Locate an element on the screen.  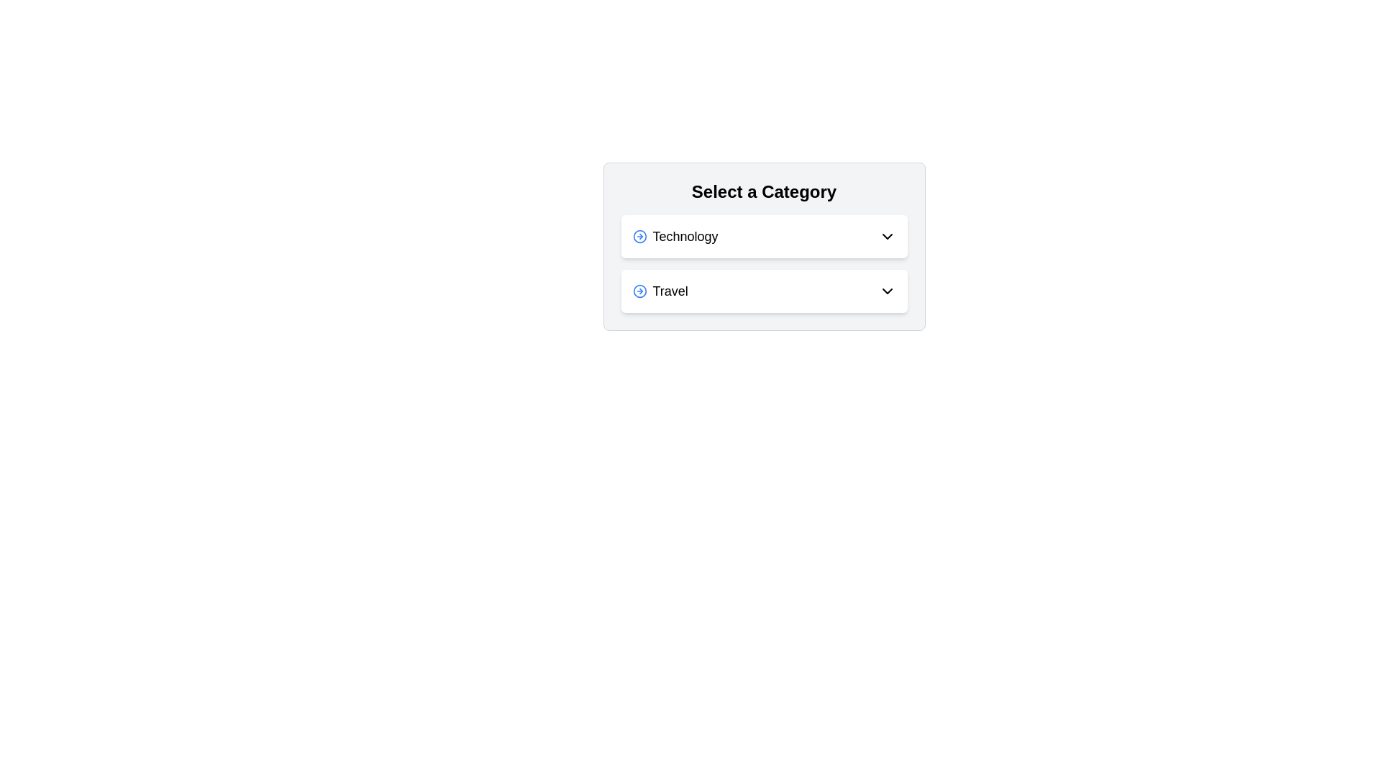
the 'Technology' text with the arrow icon is located at coordinates (675, 235).